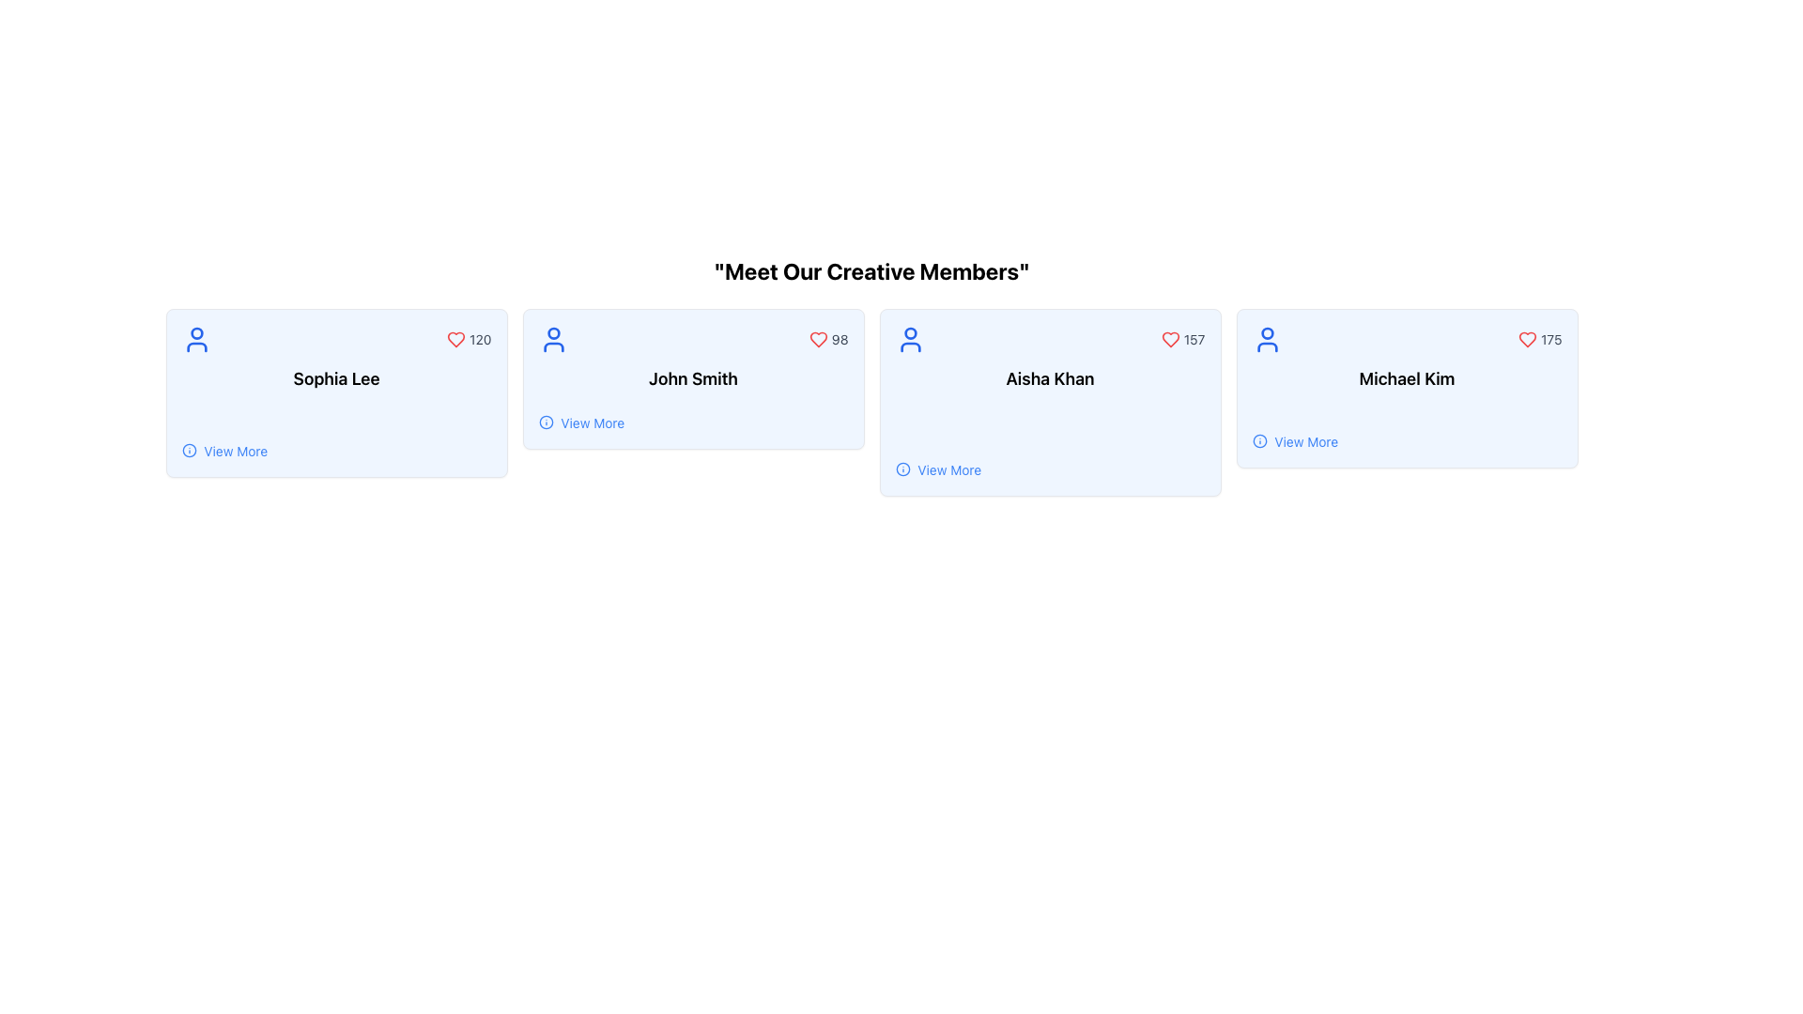 The height and width of the screenshot is (1014, 1803). Describe the element at coordinates (580, 423) in the screenshot. I see `the text link located under the name 'John Smith' in the second card from the left` at that location.